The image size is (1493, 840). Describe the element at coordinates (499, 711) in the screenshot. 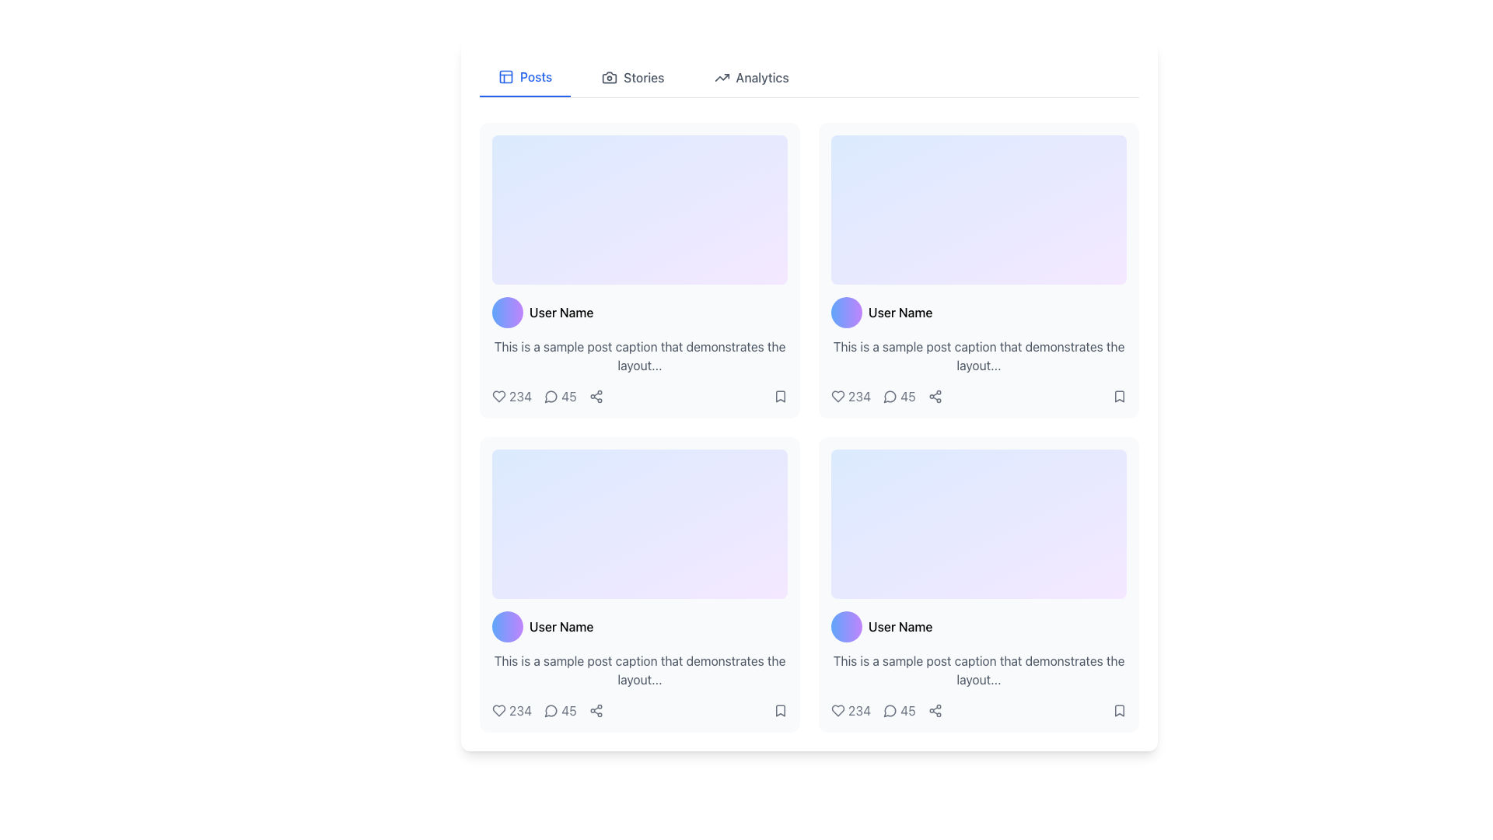

I see `the heart icon button located in the bottom-left region of the fourth card to like the post` at that location.